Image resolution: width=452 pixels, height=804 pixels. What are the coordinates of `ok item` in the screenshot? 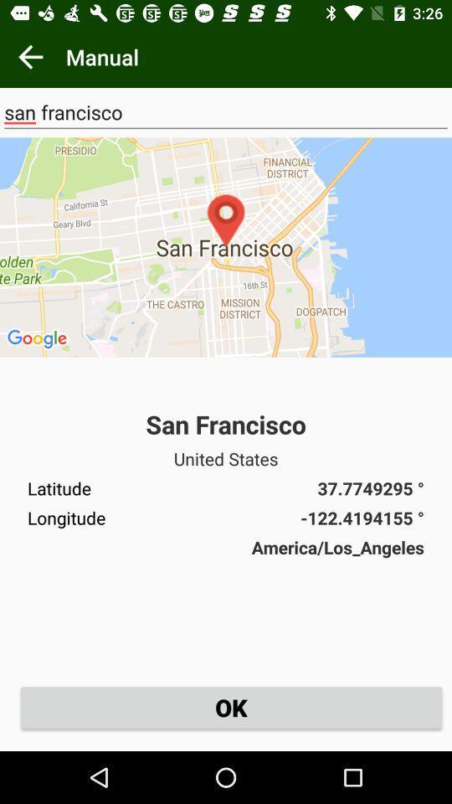 It's located at (230, 706).